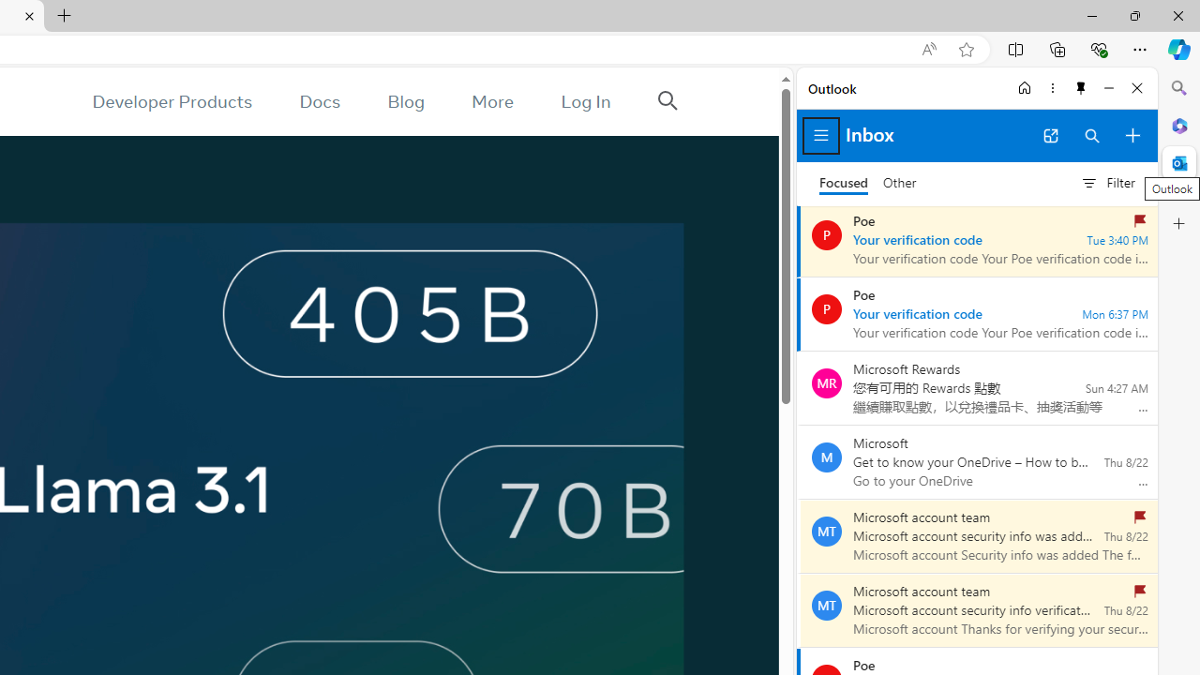 The width and height of the screenshot is (1200, 675). What do you see at coordinates (1132, 135) in the screenshot?
I see `'Compose new mail'` at bounding box center [1132, 135].